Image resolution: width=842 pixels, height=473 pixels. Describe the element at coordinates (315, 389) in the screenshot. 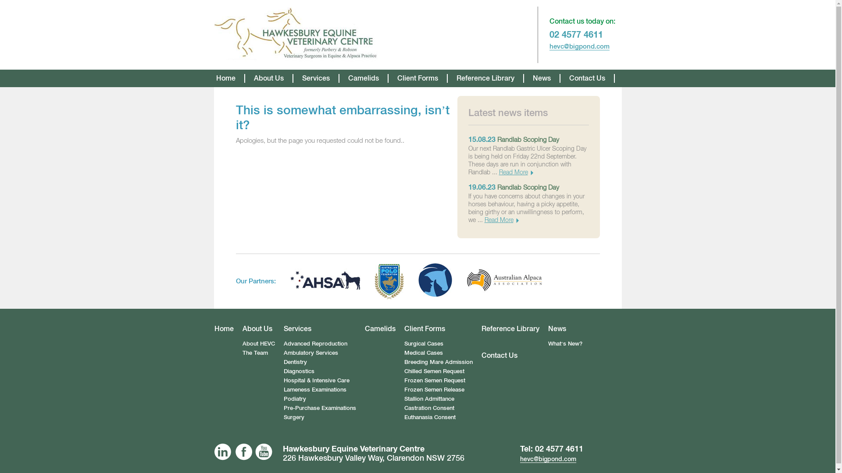

I see `'Lameness Examinations'` at that location.